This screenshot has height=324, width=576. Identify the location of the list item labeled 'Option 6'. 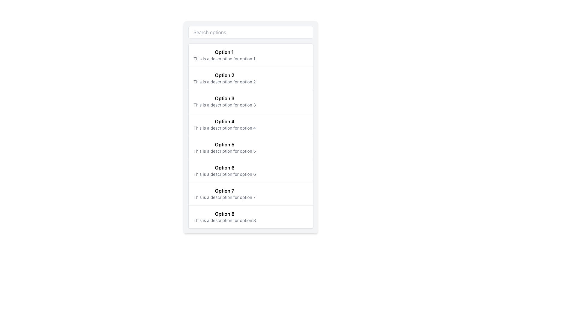
(224, 171).